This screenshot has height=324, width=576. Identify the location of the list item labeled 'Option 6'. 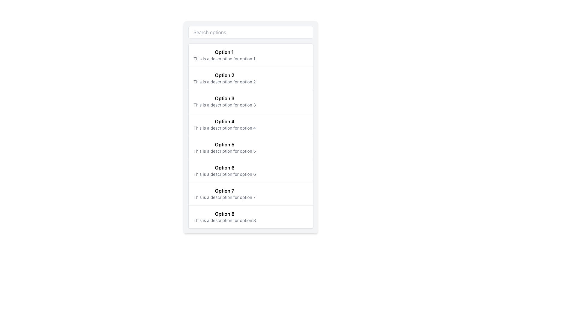
(224, 171).